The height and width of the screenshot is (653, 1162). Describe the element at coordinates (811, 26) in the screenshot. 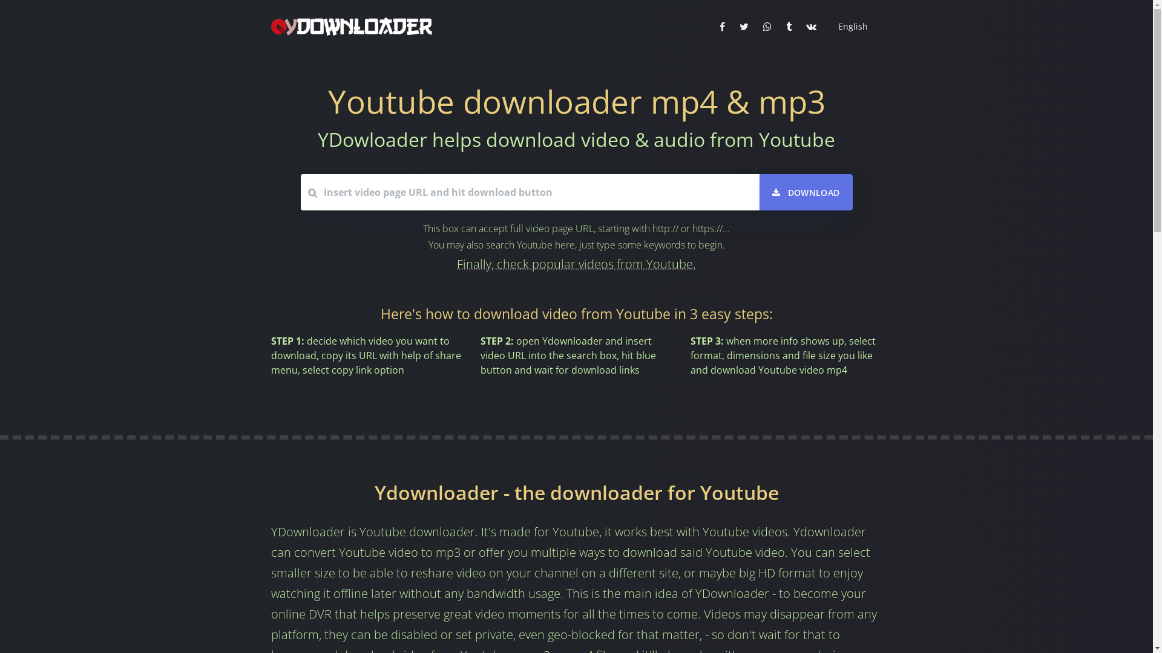

I see `'Share on VK'` at that location.